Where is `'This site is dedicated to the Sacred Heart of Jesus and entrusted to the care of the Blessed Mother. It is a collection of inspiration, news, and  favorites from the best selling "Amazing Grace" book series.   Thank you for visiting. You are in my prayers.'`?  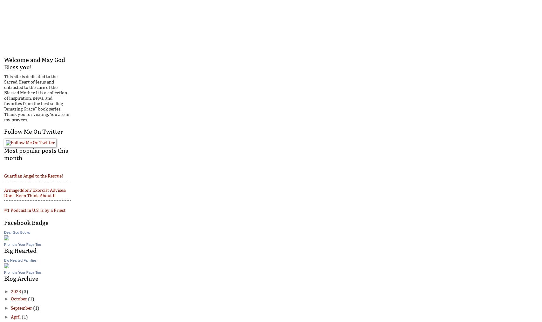 'This site is dedicated to the Sacred Heart of Jesus and entrusted to the care of the Blessed Mother. It is a collection of inspiration, news, and  favorites from the best selling "Amazing Grace" book series.   Thank you for visiting. You are in my prayers.' is located at coordinates (4, 98).